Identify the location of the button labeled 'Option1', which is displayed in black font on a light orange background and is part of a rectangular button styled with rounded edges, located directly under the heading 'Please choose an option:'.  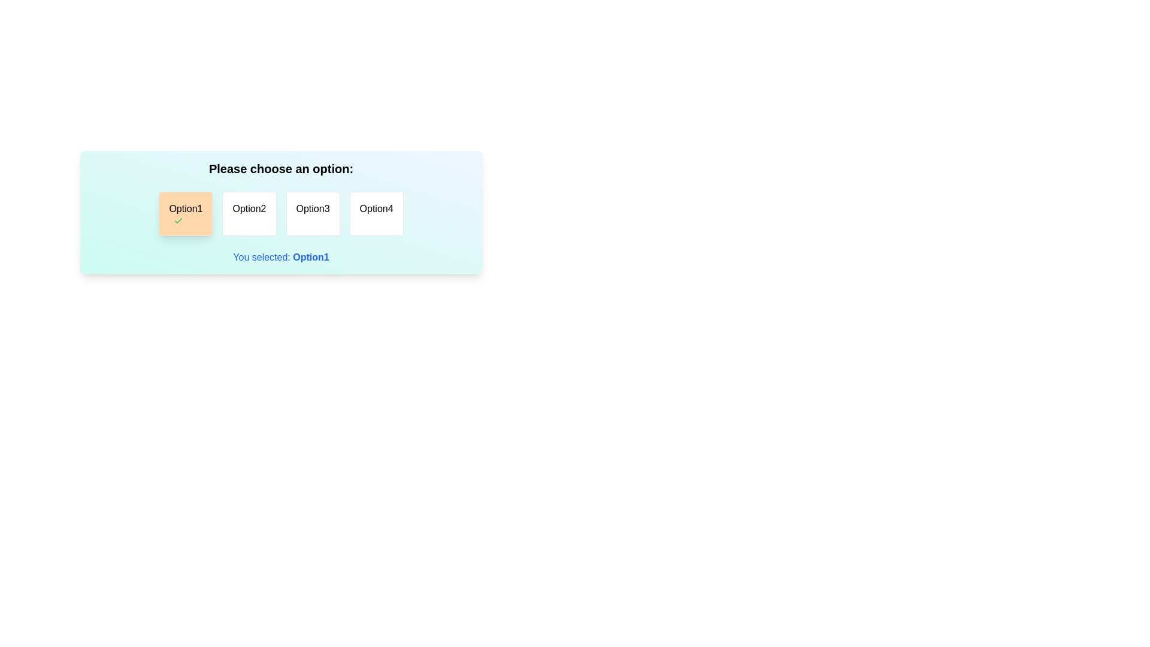
(185, 208).